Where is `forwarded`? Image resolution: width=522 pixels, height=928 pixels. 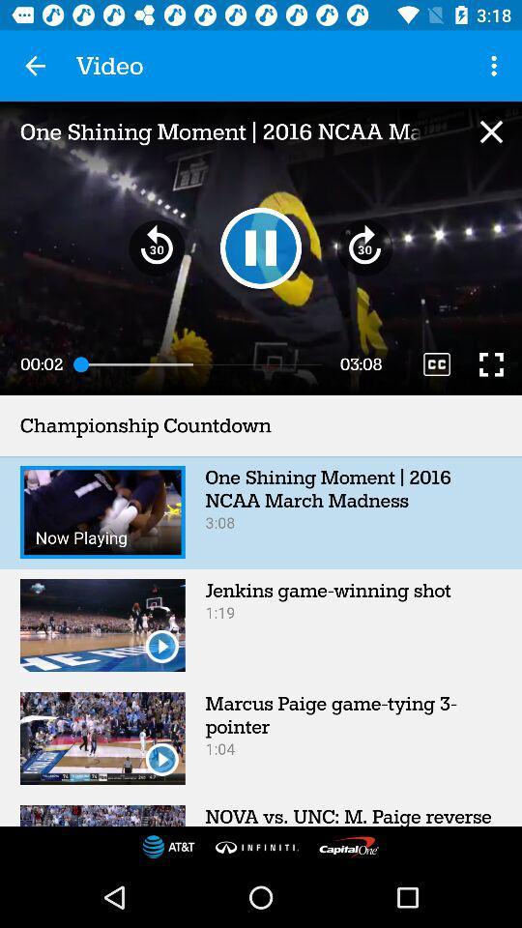 forwarded is located at coordinates (364, 246).